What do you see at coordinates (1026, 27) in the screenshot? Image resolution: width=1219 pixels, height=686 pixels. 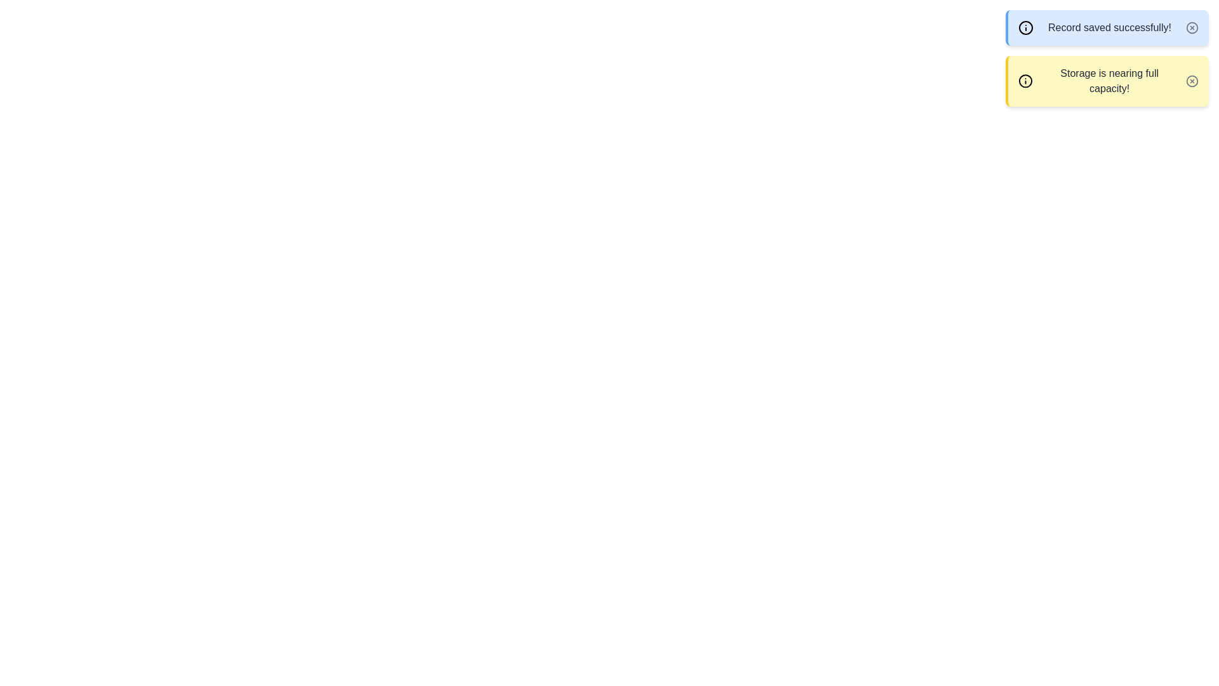 I see `the icon associated with the alert info` at bounding box center [1026, 27].